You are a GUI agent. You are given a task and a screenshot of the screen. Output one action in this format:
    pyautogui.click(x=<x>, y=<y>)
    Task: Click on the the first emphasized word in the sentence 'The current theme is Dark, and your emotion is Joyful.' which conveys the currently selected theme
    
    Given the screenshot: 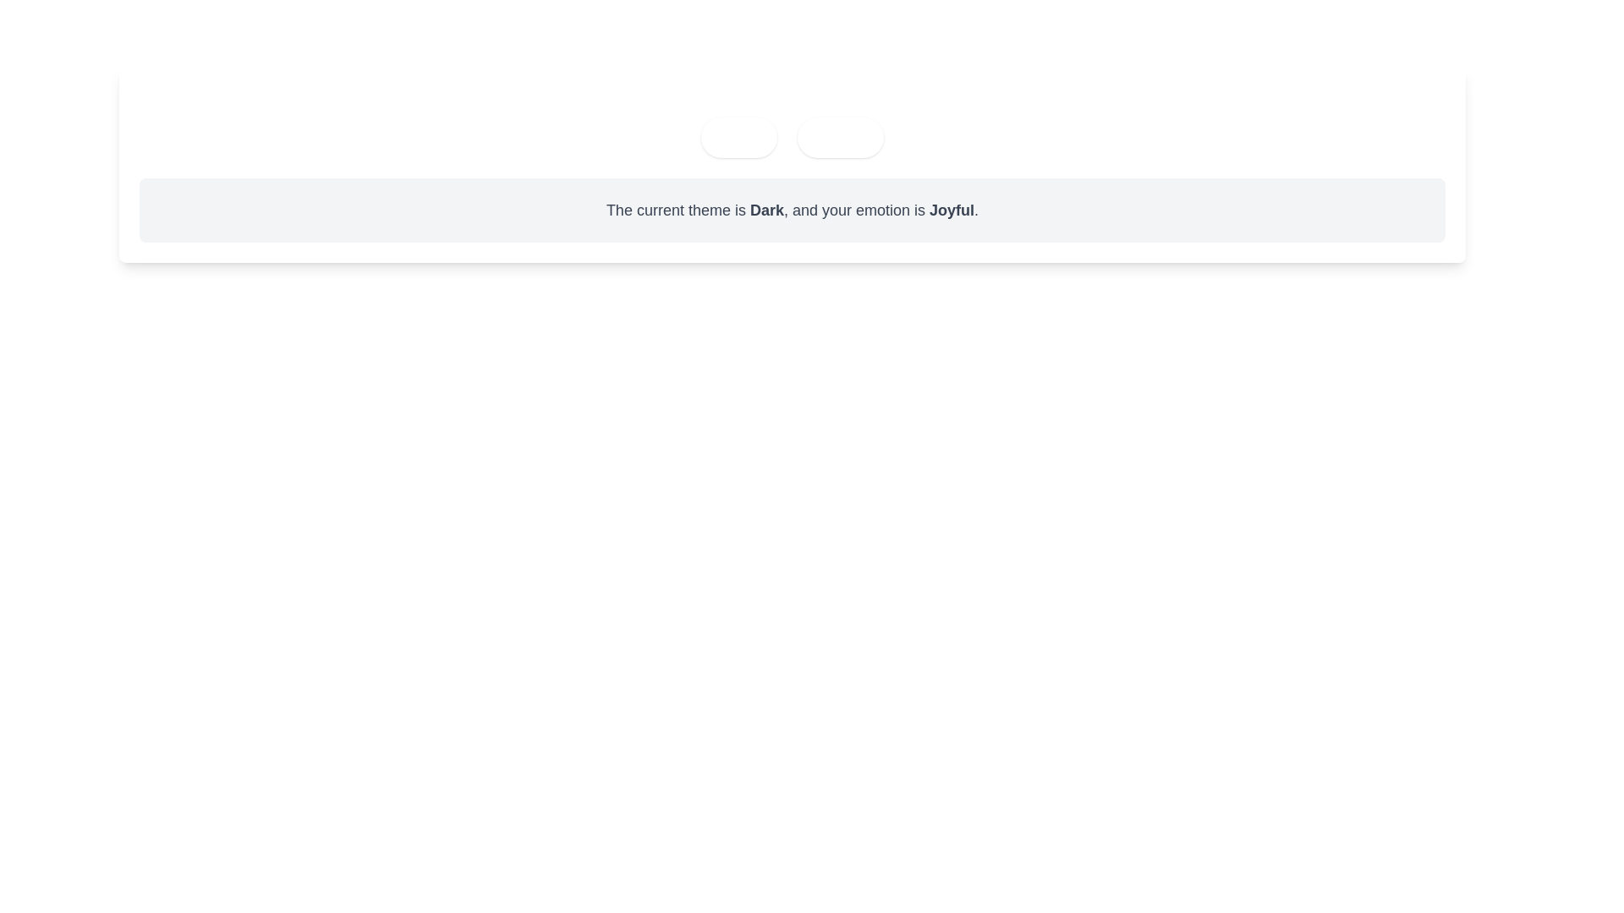 What is the action you would take?
    pyautogui.click(x=766, y=210)
    